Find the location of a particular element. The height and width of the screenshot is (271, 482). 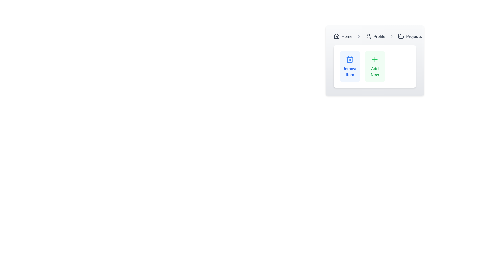

the 'Profile' navigation link, which is the second item in the navigation bar is located at coordinates (375, 36).